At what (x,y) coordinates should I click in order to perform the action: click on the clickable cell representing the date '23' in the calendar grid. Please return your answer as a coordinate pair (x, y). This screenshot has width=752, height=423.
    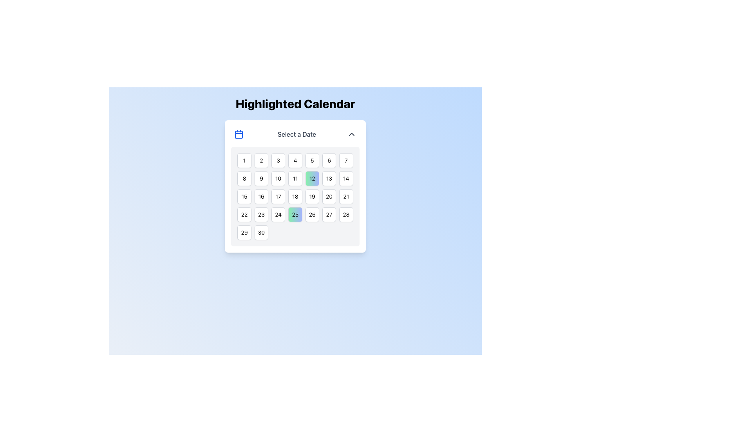
    Looking at the image, I should click on (261, 214).